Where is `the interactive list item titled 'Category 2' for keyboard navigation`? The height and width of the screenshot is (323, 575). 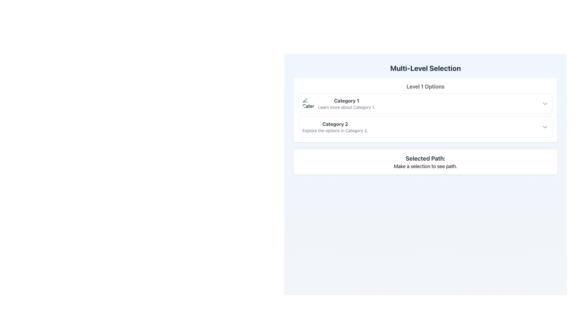
the interactive list item titled 'Category 2' for keyboard navigation is located at coordinates (425, 127).